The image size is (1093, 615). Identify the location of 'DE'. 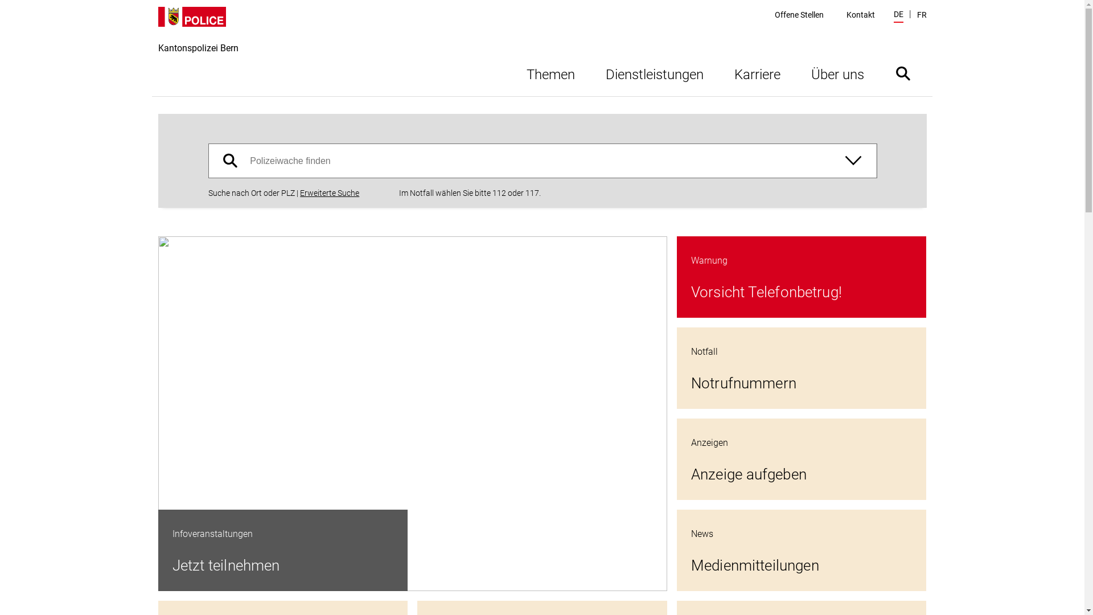
(898, 15).